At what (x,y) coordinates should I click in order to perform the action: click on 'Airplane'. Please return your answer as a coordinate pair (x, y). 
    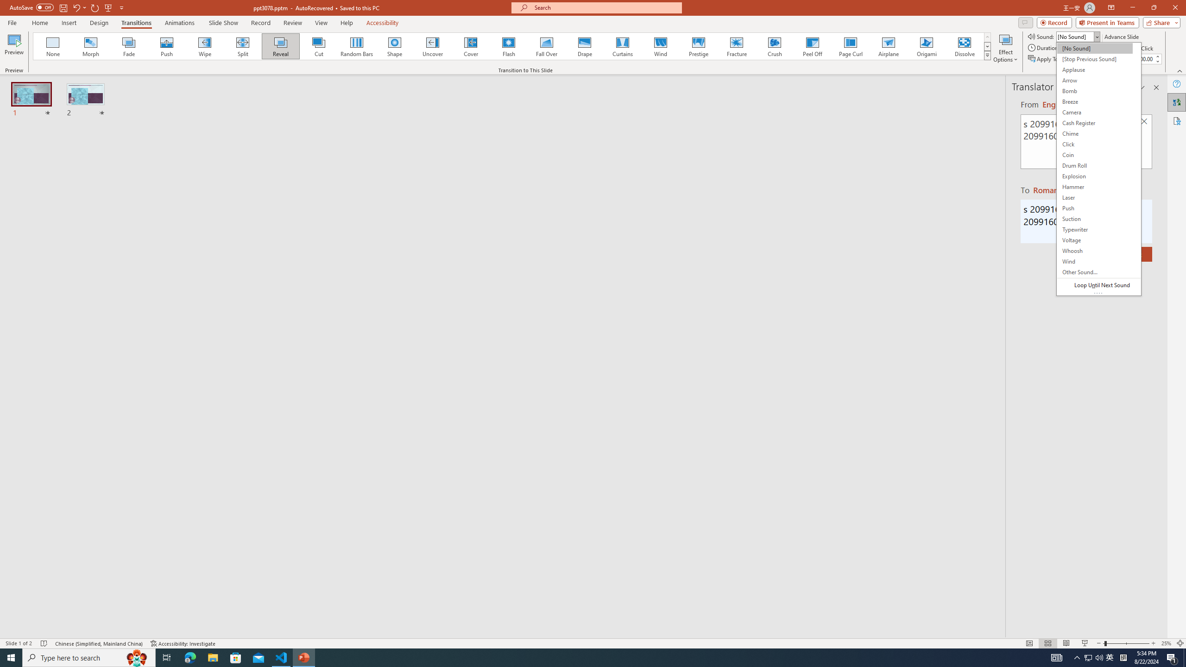
    Looking at the image, I should click on (888, 46).